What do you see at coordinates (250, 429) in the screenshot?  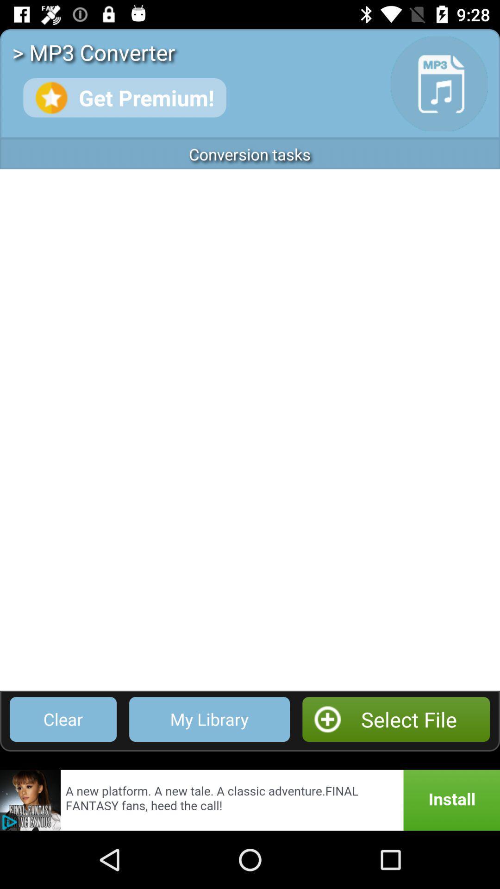 I see `app below the conversion tasks item` at bounding box center [250, 429].